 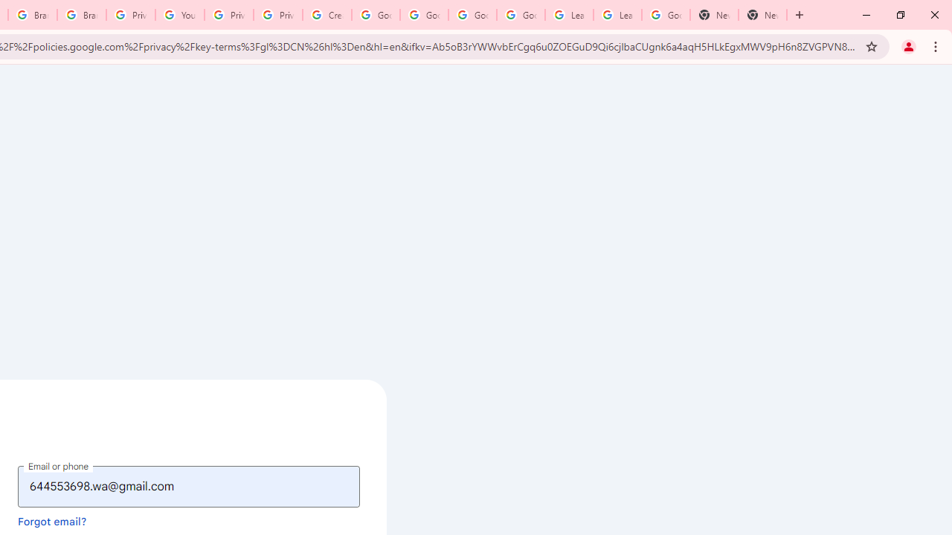 What do you see at coordinates (178, 15) in the screenshot?
I see `'YouTube'` at bounding box center [178, 15].